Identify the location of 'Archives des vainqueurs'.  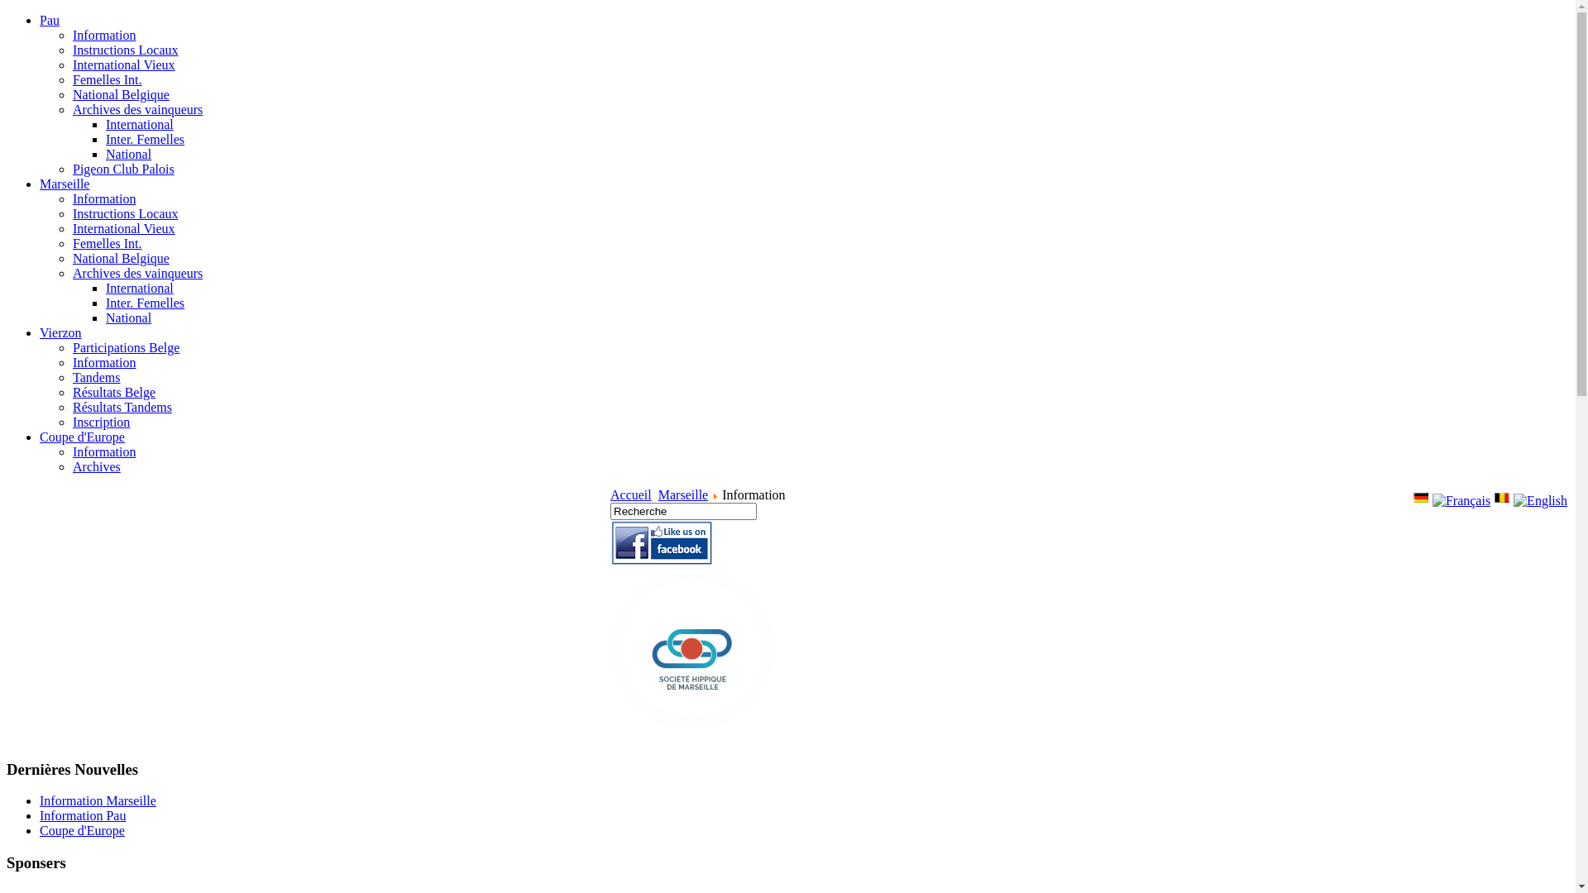
(71, 272).